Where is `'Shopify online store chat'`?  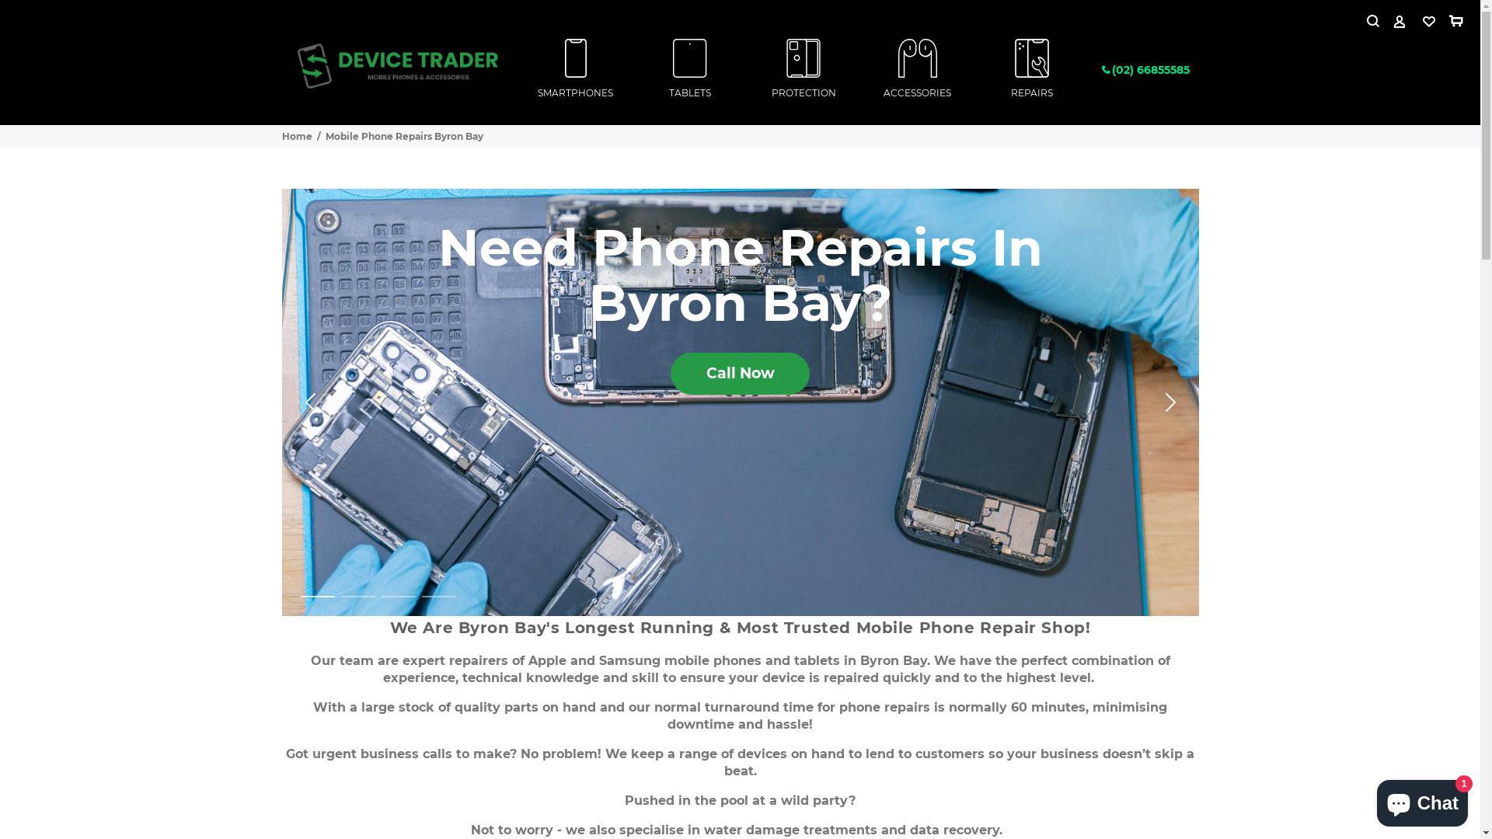 'Shopify online store chat' is located at coordinates (1422, 799).